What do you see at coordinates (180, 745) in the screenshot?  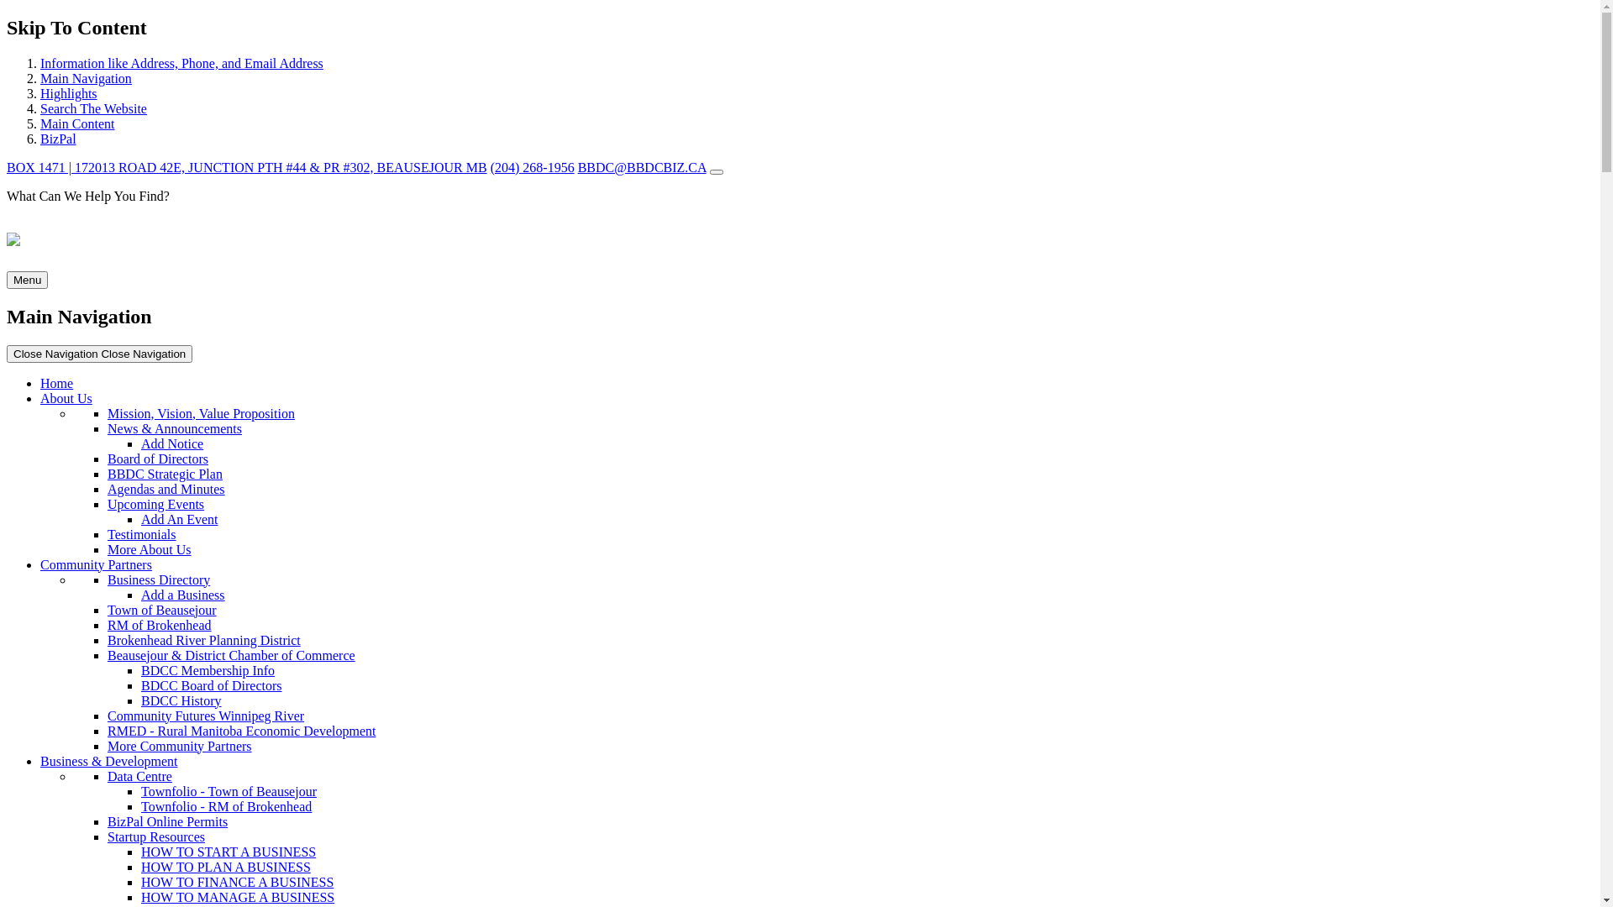 I see `'More Community Partners'` at bounding box center [180, 745].